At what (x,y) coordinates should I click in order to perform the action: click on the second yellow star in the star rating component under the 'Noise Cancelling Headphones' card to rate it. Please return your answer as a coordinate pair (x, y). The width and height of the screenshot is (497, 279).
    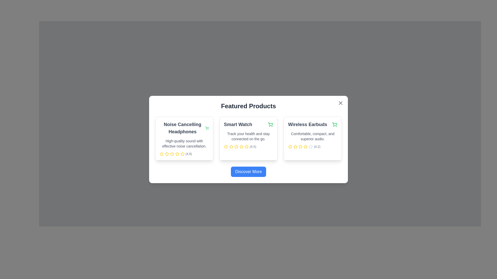
    Looking at the image, I should click on (182, 153).